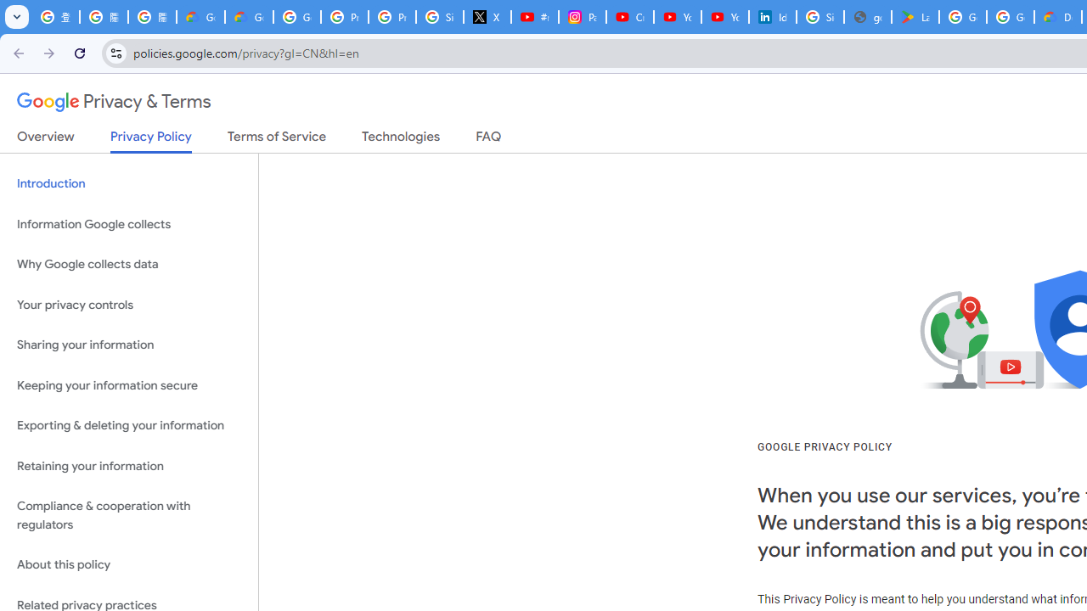 The height and width of the screenshot is (611, 1087). What do you see at coordinates (724, 17) in the screenshot?
I see `'YouTube Culture & Trends - YouTube Top 10, 2021'` at bounding box center [724, 17].